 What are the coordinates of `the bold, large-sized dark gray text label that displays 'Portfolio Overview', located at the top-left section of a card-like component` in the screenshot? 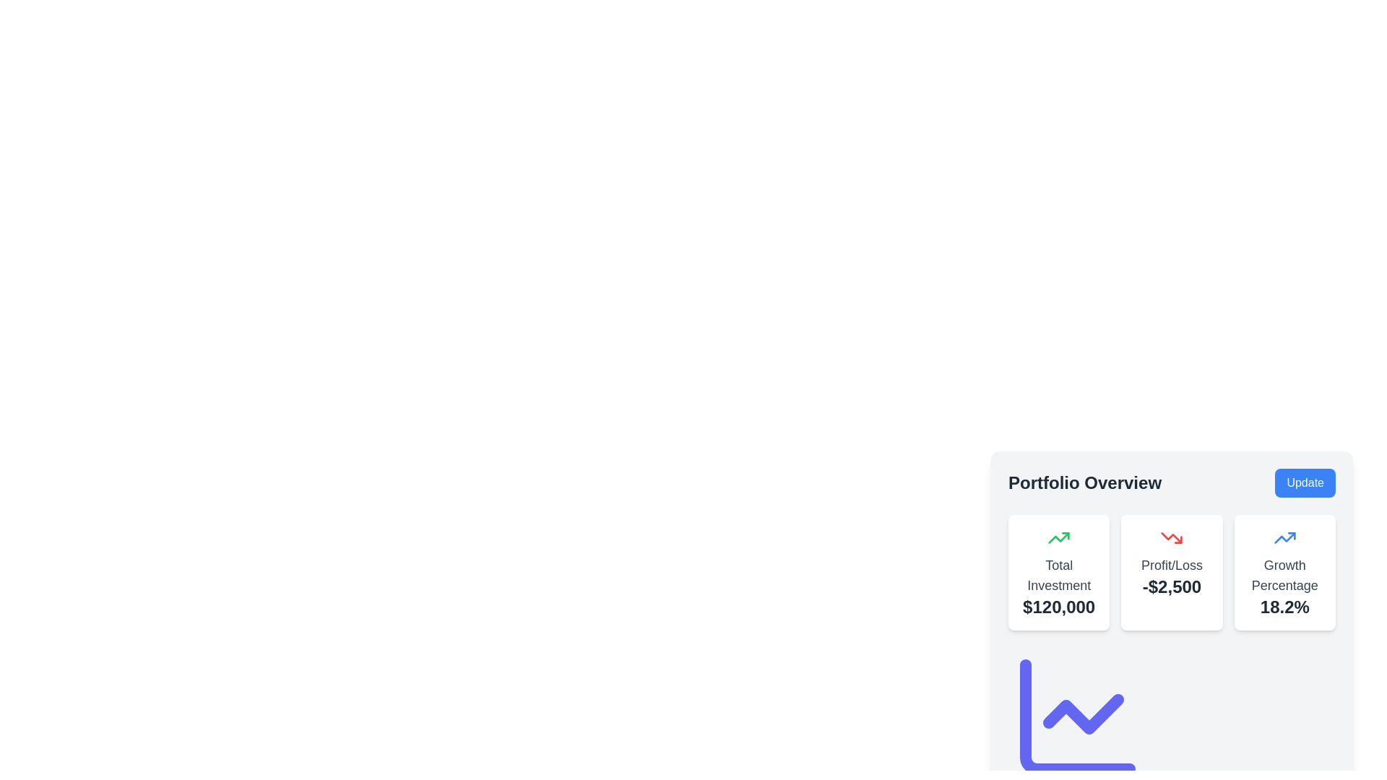 It's located at (1085, 482).